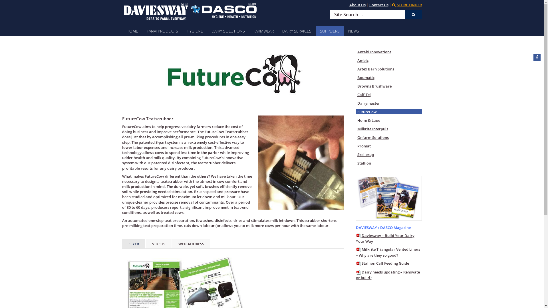 This screenshot has height=308, width=548. Describe the element at coordinates (191, 244) in the screenshot. I see `'WED ADDRESS'` at that location.